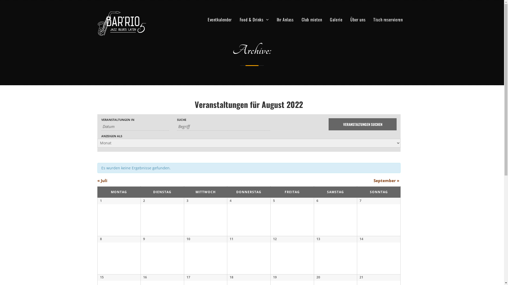 The width and height of the screenshot is (508, 285). What do you see at coordinates (336, 19) in the screenshot?
I see `'Galerie'` at bounding box center [336, 19].